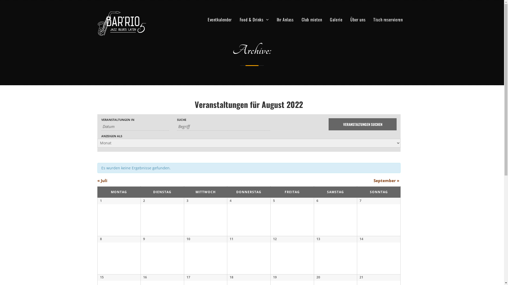 The width and height of the screenshot is (508, 285). What do you see at coordinates (336, 19) in the screenshot?
I see `'Galerie'` at bounding box center [336, 19].